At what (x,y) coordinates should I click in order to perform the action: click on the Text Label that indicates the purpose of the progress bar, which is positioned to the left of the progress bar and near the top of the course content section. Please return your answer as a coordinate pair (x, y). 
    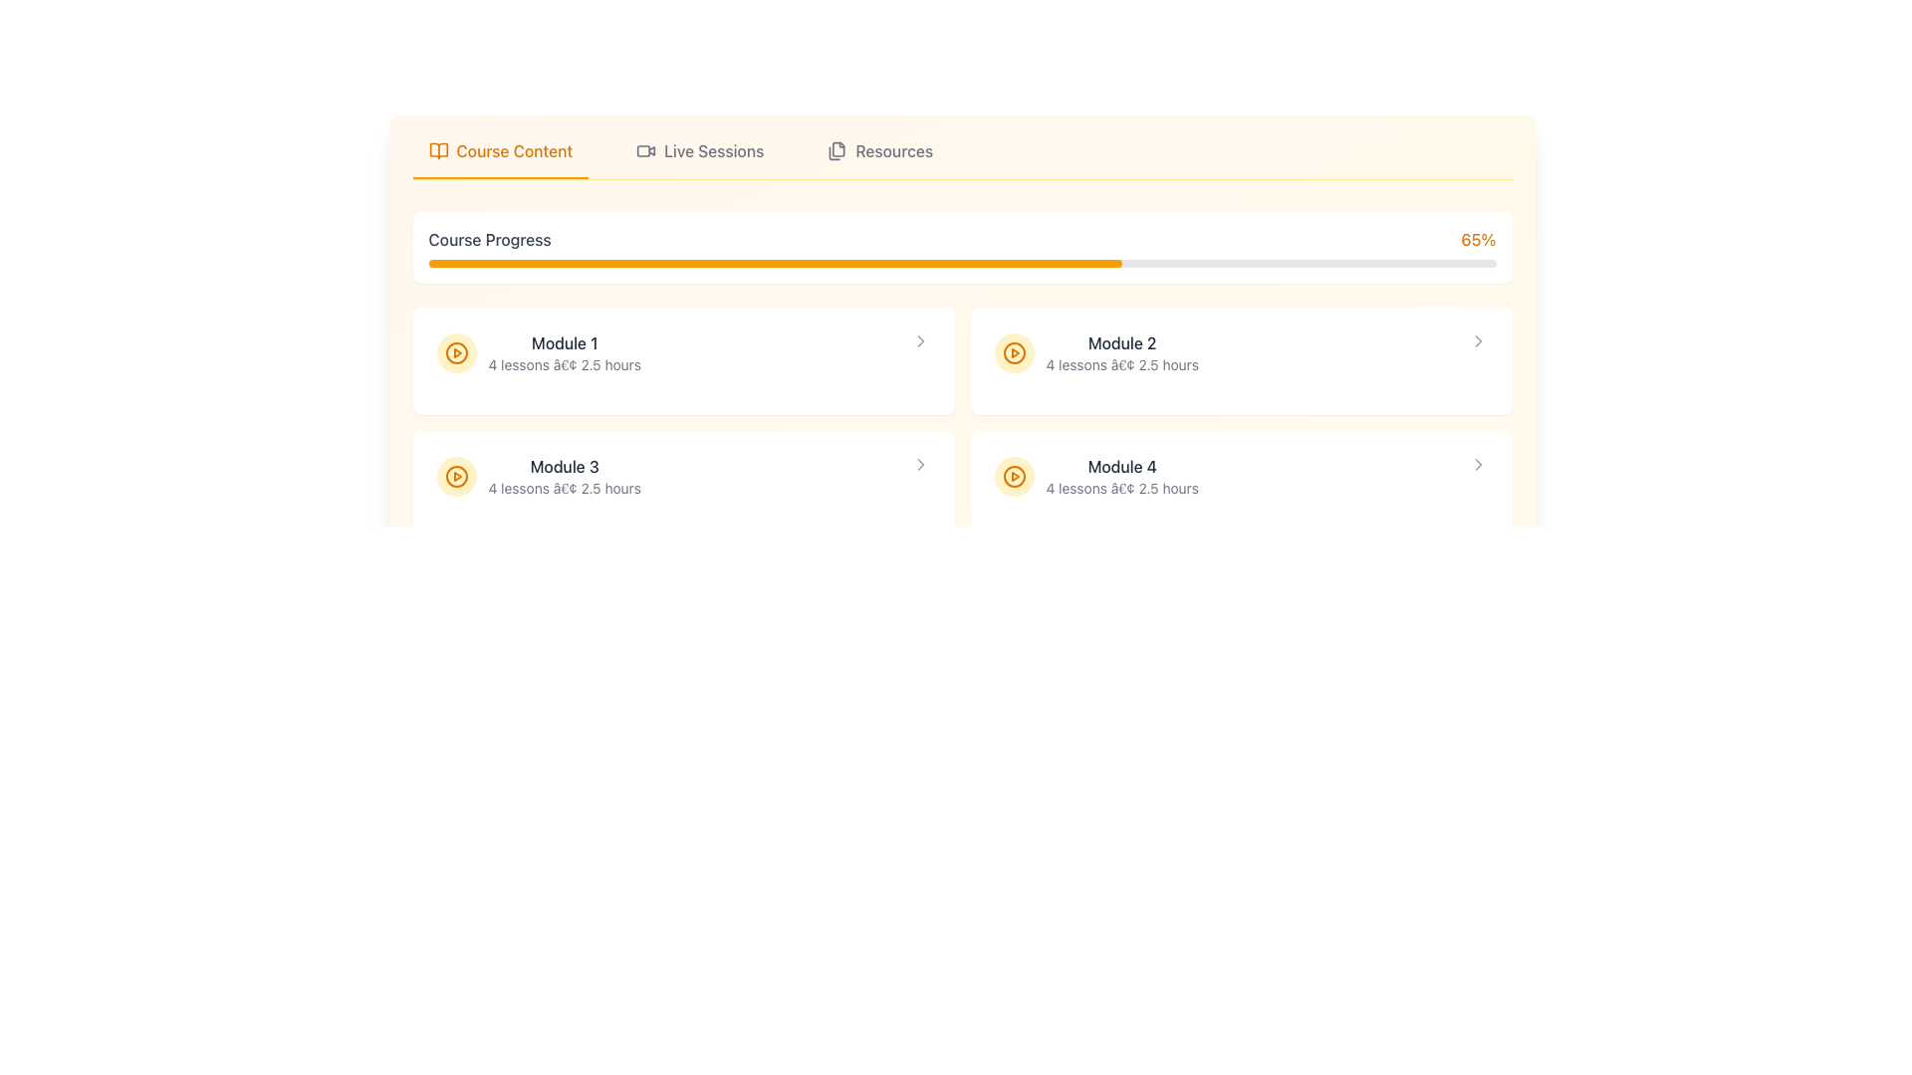
    Looking at the image, I should click on (490, 238).